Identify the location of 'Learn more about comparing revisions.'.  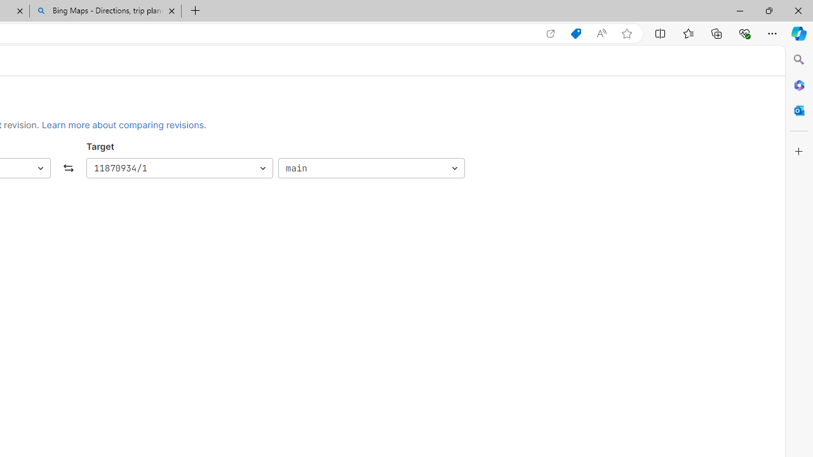
(124, 124).